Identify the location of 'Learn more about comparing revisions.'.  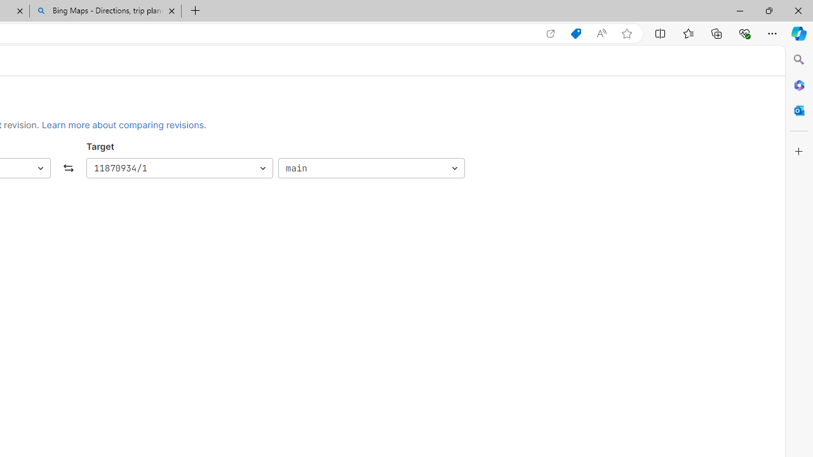
(124, 124).